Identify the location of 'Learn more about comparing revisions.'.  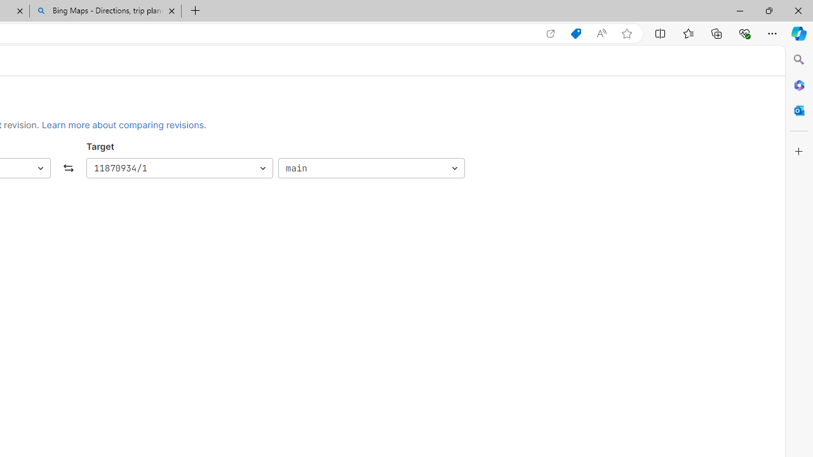
(124, 124).